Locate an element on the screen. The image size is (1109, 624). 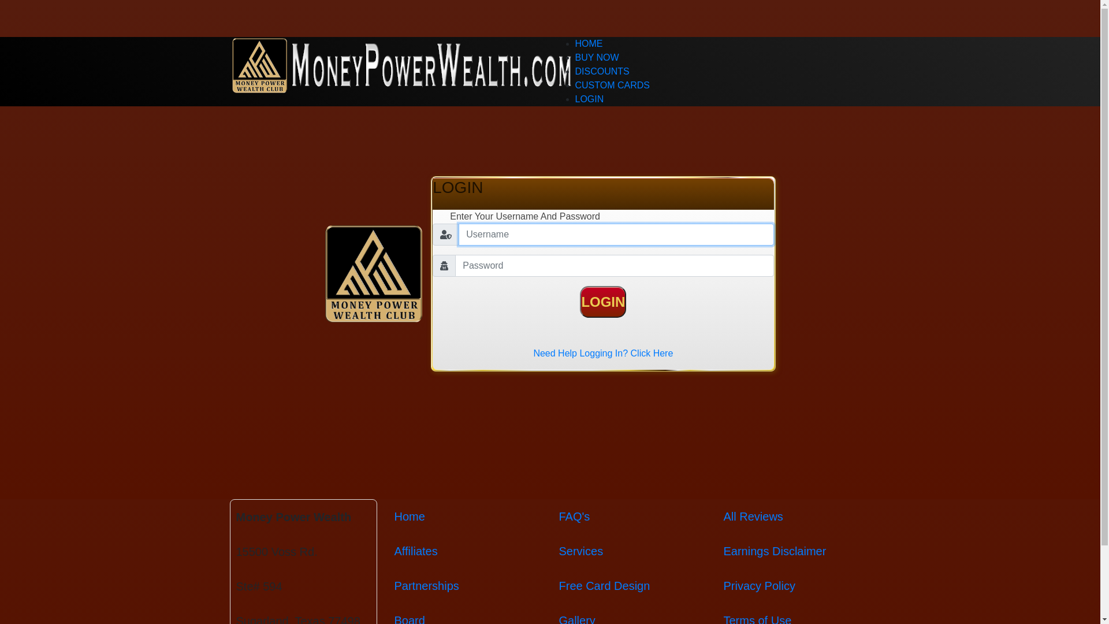
'Free Card Design' is located at coordinates (604, 586).